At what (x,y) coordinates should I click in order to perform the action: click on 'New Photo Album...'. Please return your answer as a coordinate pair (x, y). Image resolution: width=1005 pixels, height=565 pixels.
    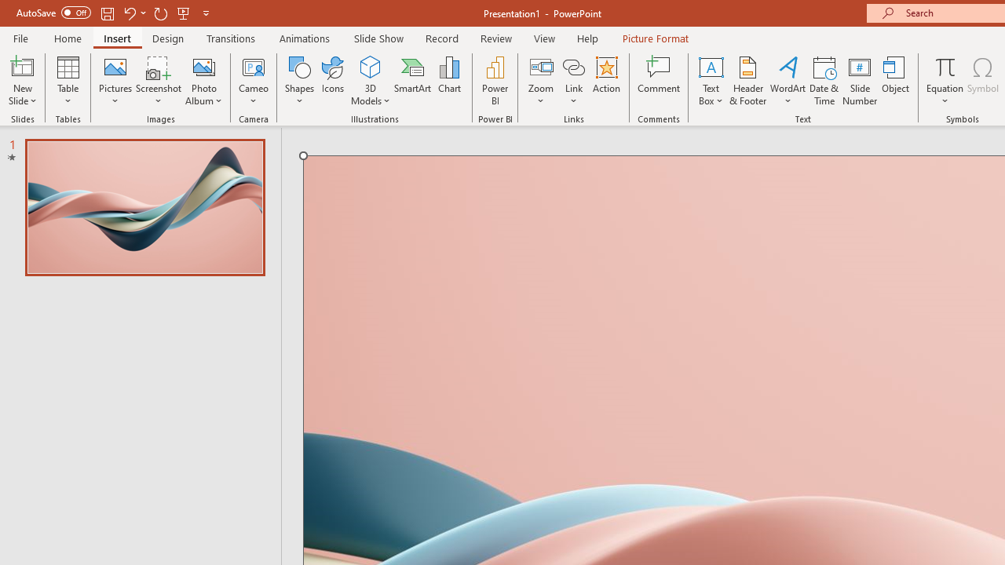
    Looking at the image, I should click on (203, 66).